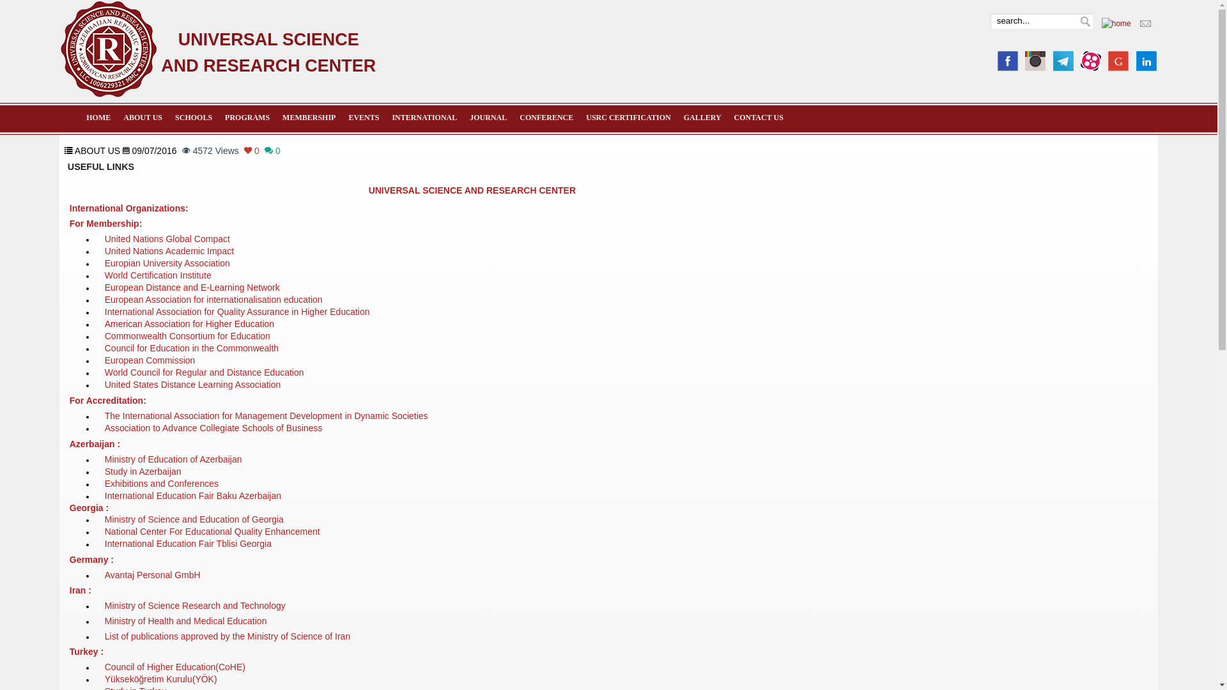  I want to click on 'PROGRAMS', so click(247, 118).